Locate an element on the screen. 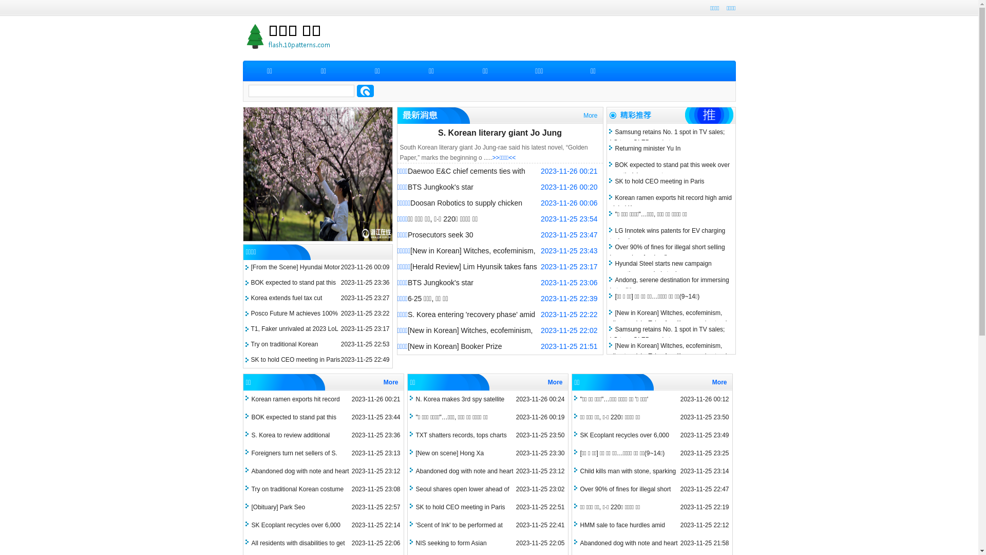 This screenshot has width=986, height=555. 'search' is located at coordinates (365, 90).